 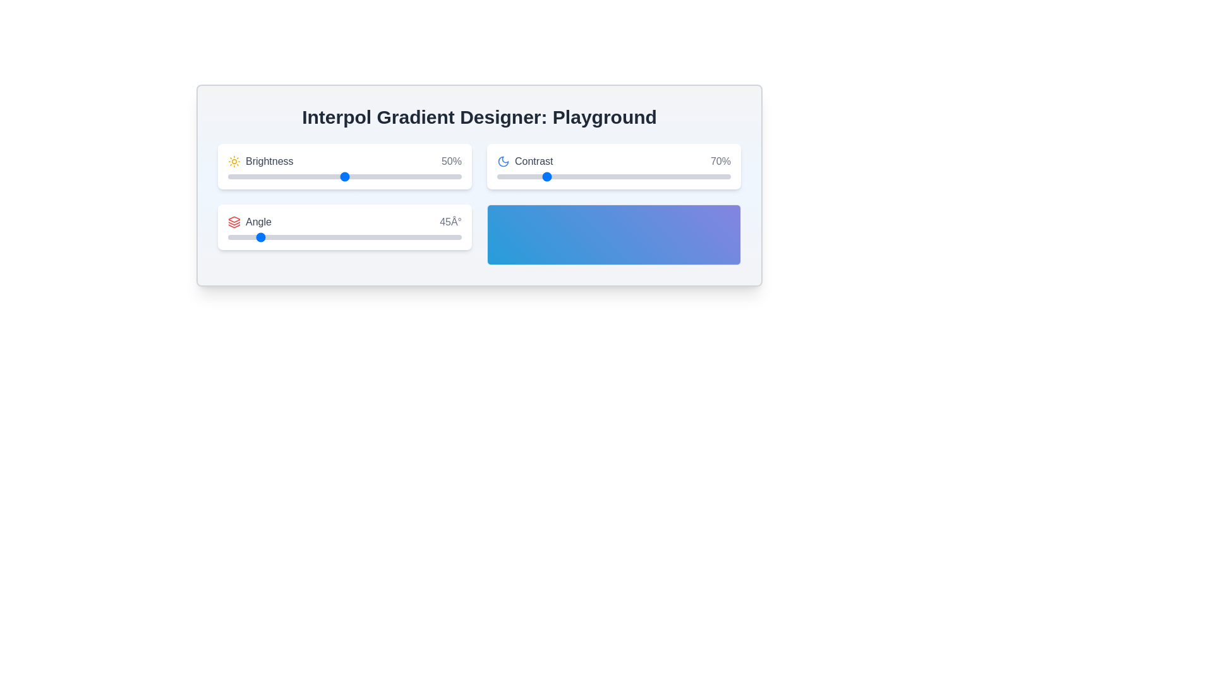 What do you see at coordinates (428, 237) in the screenshot?
I see `the angle` at bounding box center [428, 237].